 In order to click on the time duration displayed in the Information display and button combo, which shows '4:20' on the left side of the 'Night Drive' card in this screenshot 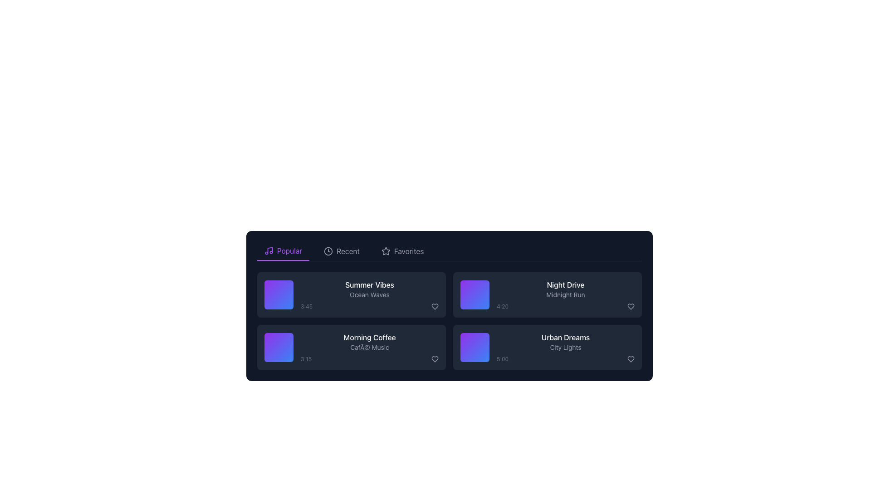, I will do `click(565, 306)`.